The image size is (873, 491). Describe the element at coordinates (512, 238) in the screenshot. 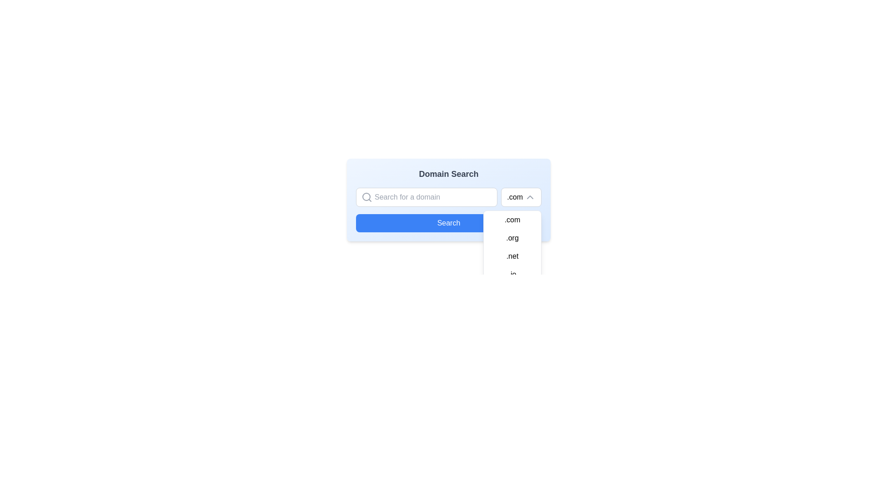

I see `the dropdown list item containing the text '.org'` at that location.